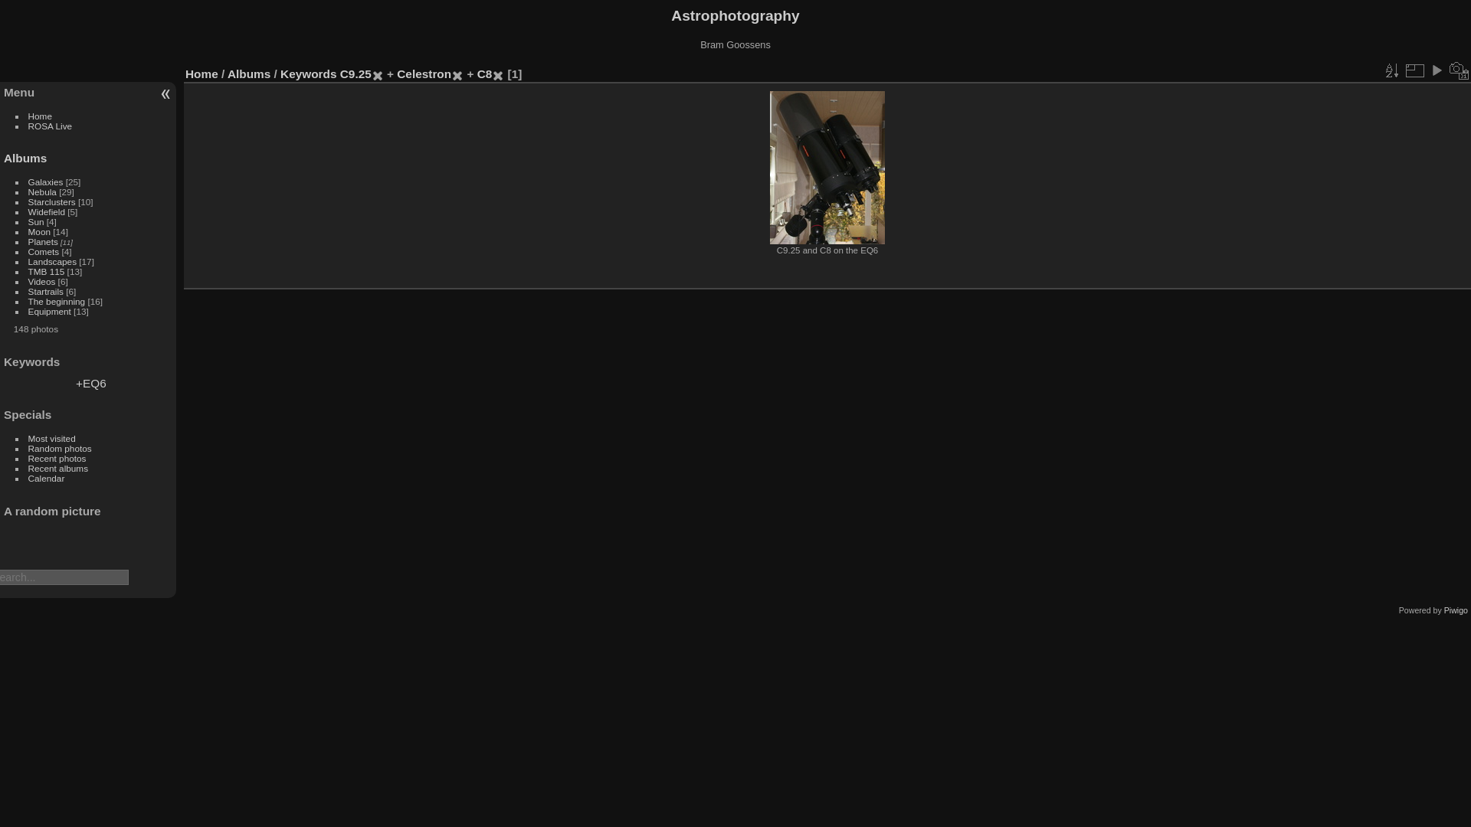 Image resolution: width=1471 pixels, height=827 pixels. What do you see at coordinates (60, 448) in the screenshot?
I see `'Random photos'` at bounding box center [60, 448].